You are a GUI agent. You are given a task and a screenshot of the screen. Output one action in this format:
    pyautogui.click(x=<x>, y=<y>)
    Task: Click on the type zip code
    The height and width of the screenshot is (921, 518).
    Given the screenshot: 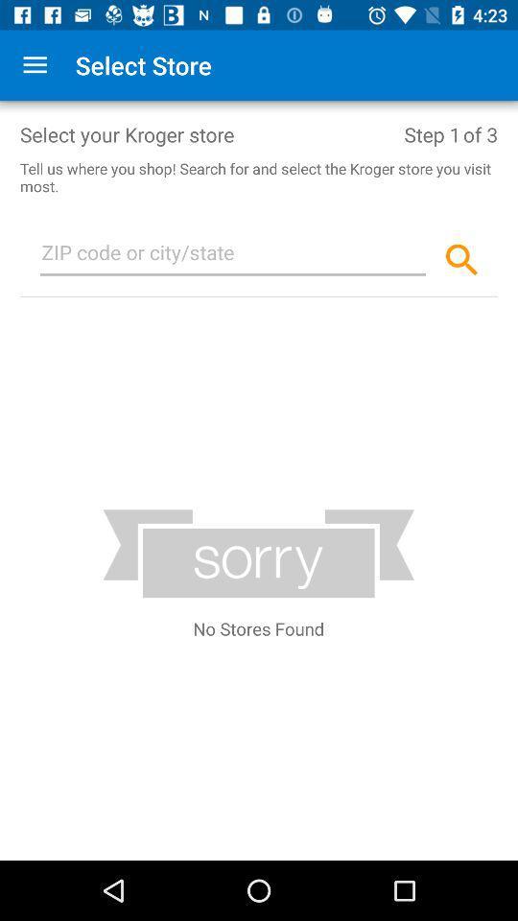 What is the action you would take?
    pyautogui.click(x=233, y=255)
    